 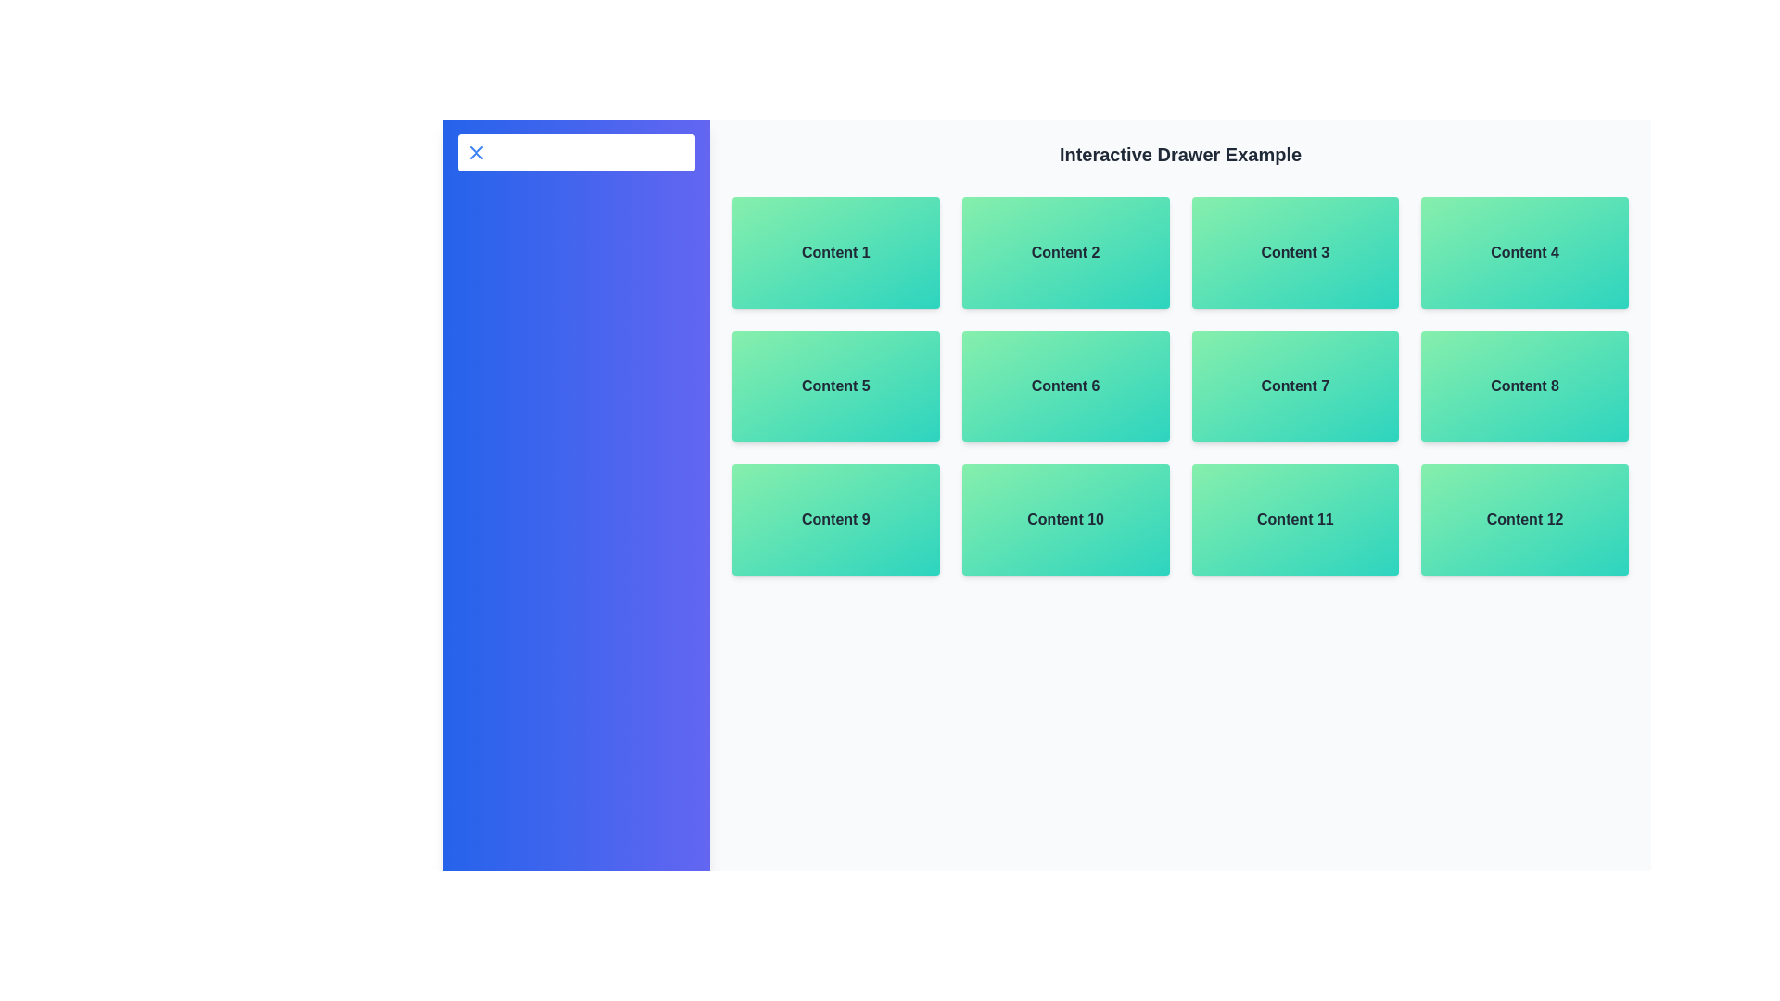 What do you see at coordinates (576, 152) in the screenshot?
I see `the toggle button to toggle the drawer's state` at bounding box center [576, 152].